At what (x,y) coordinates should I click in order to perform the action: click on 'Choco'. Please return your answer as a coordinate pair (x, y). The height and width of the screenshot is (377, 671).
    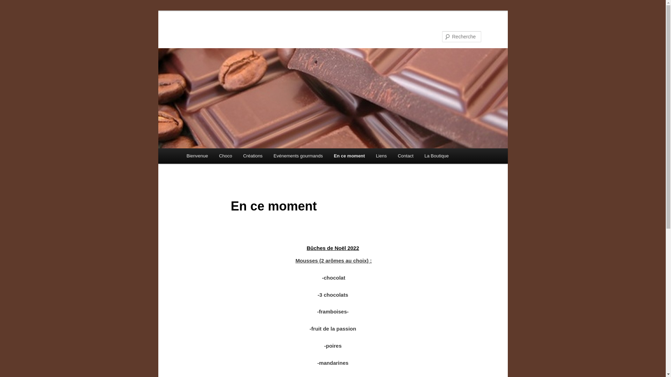
    Looking at the image, I should click on (225, 155).